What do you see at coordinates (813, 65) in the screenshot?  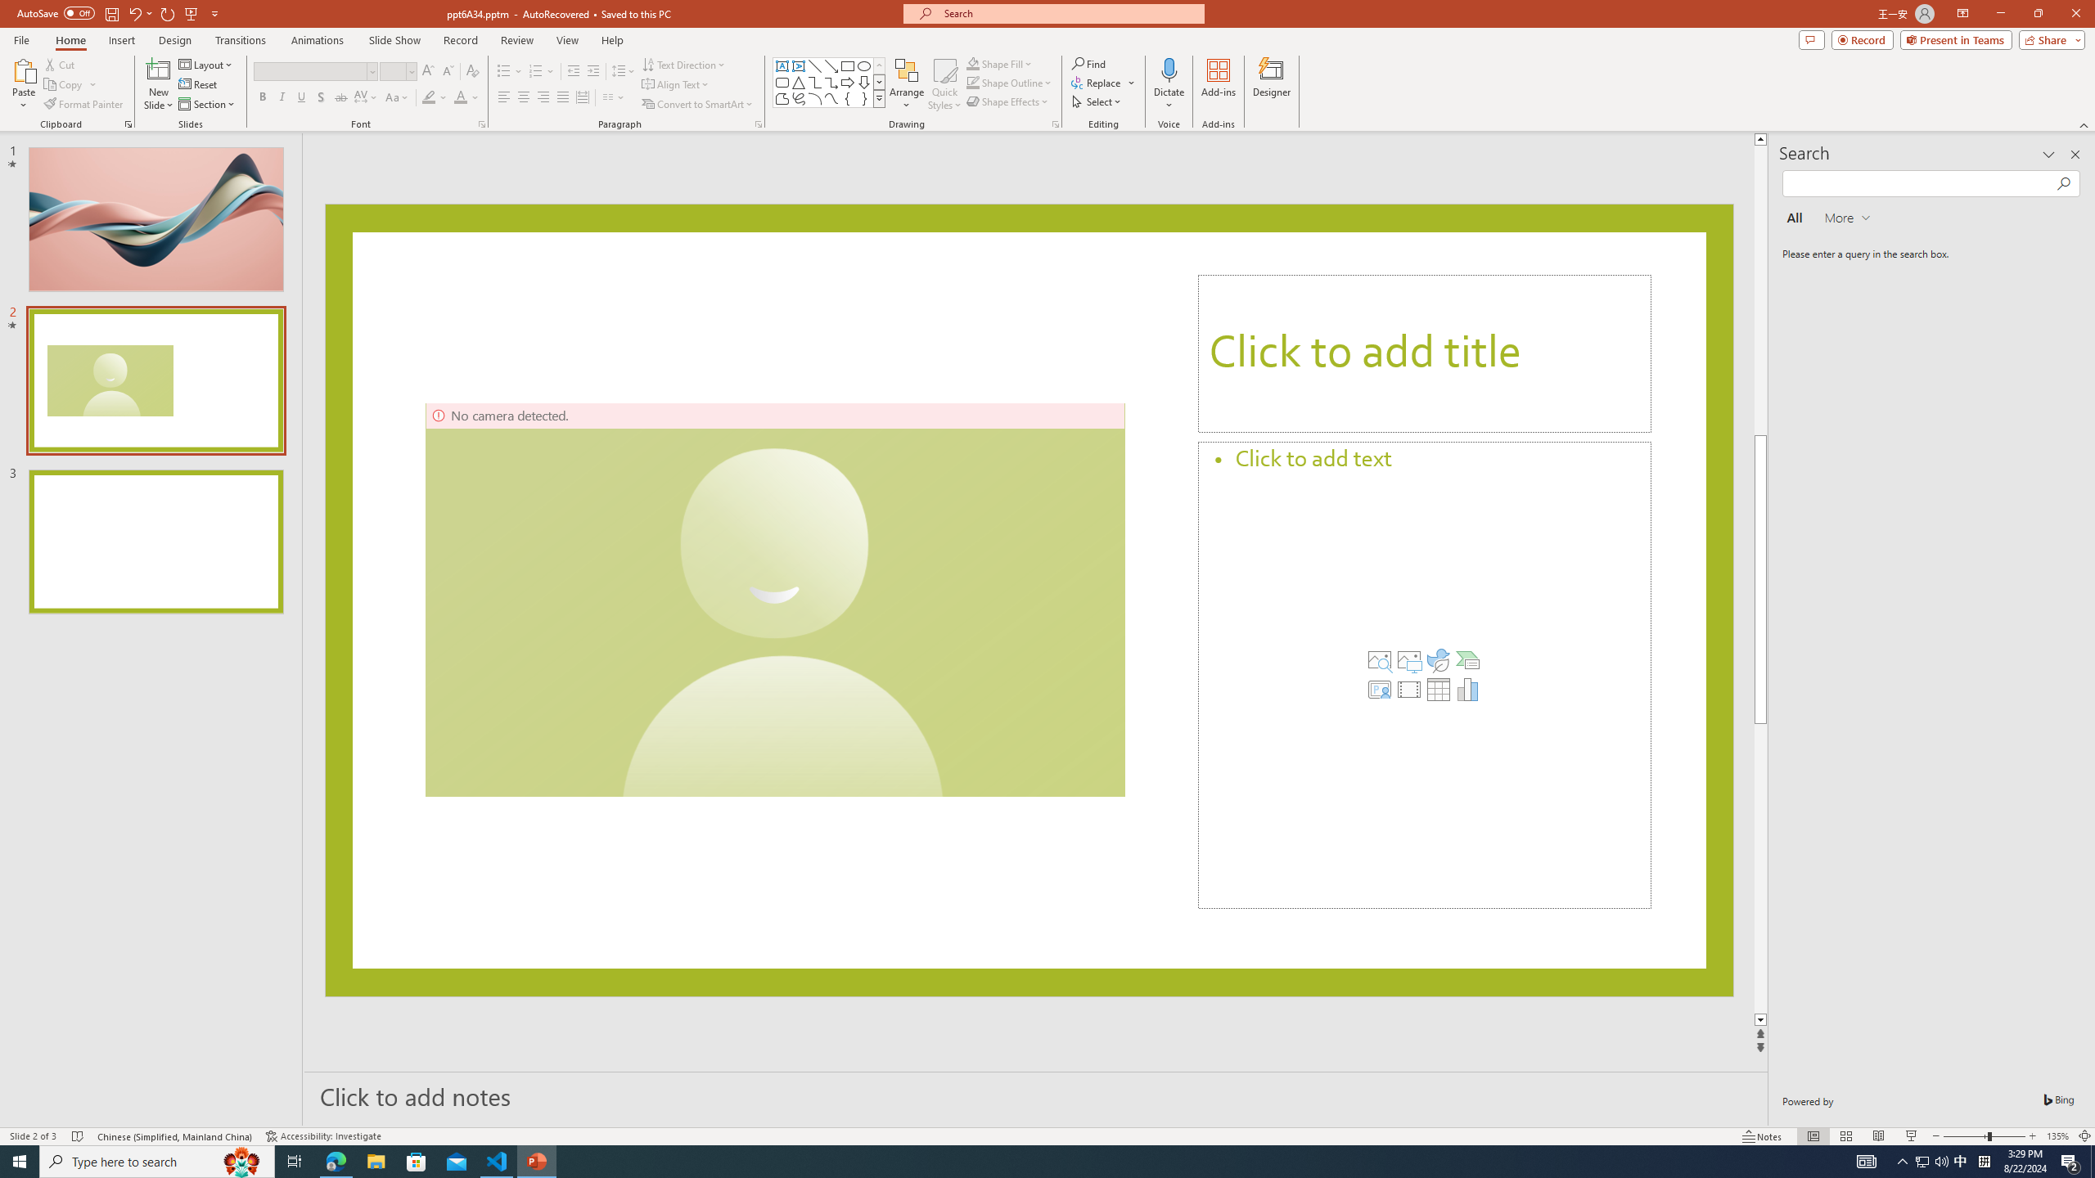 I see `'Line'` at bounding box center [813, 65].